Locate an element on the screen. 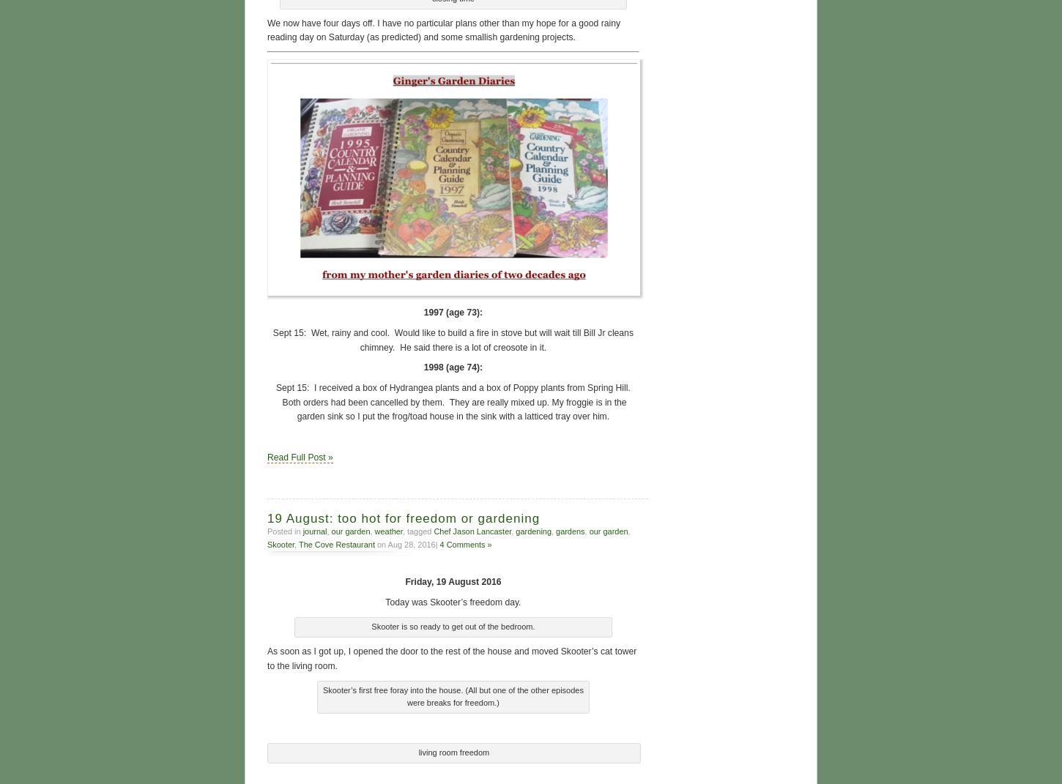 This screenshot has height=784, width=1062. 'Skooter' is located at coordinates (266, 542).